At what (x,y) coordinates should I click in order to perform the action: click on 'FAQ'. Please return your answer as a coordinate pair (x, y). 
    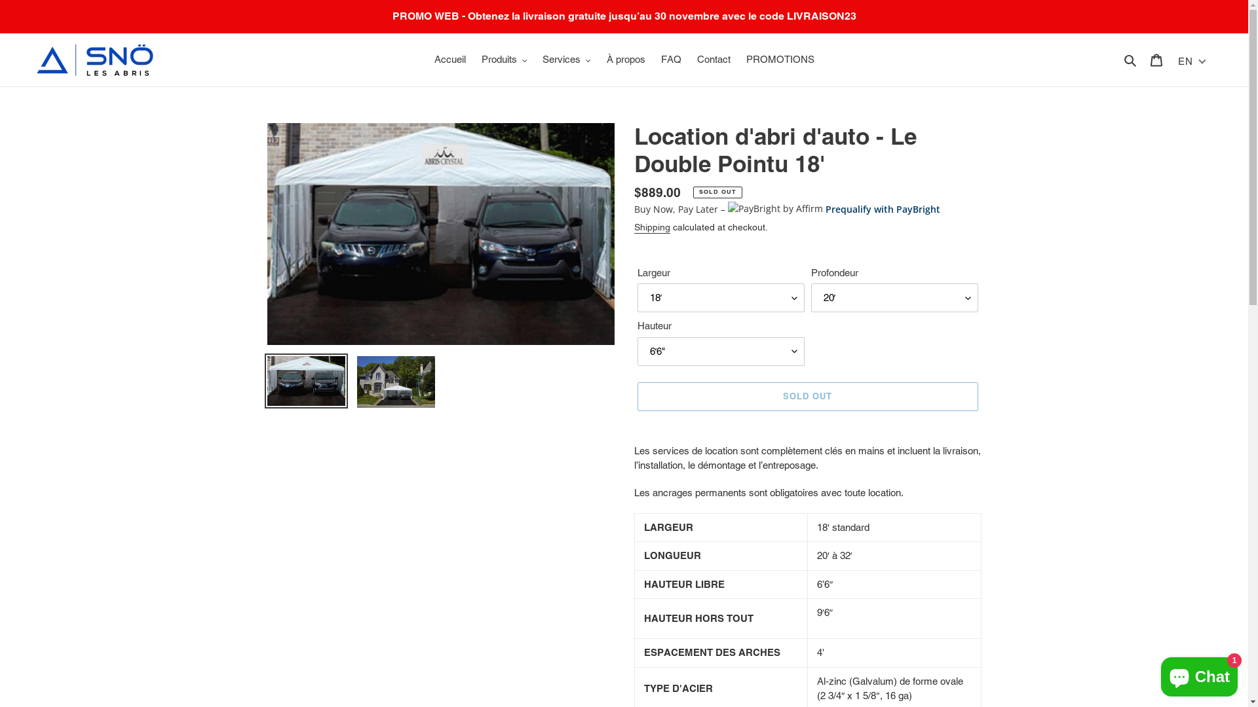
    Looking at the image, I should click on (670, 60).